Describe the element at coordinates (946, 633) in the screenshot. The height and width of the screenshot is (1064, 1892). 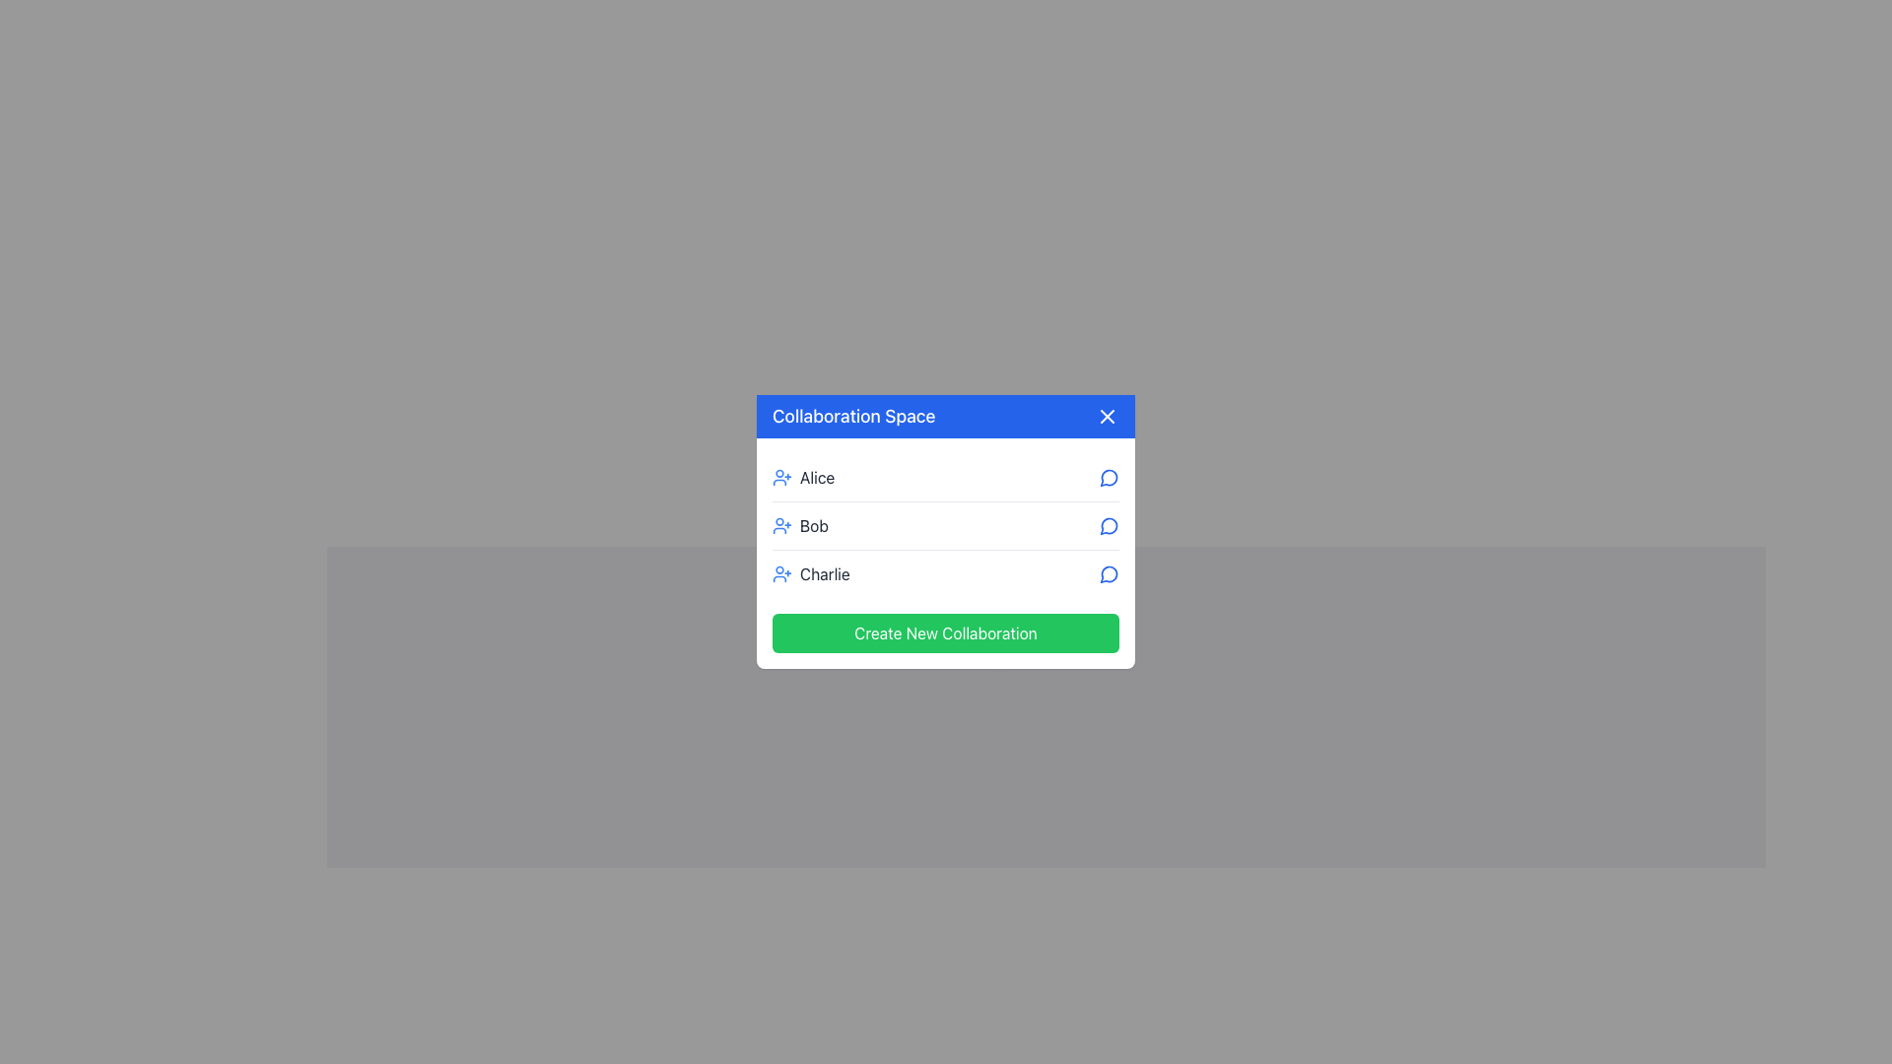
I see `the 'Create New Collaboration' button, which is a green rectangular button with rounded corners located at the bottom of the 'Collaboration Space' modal window` at that location.